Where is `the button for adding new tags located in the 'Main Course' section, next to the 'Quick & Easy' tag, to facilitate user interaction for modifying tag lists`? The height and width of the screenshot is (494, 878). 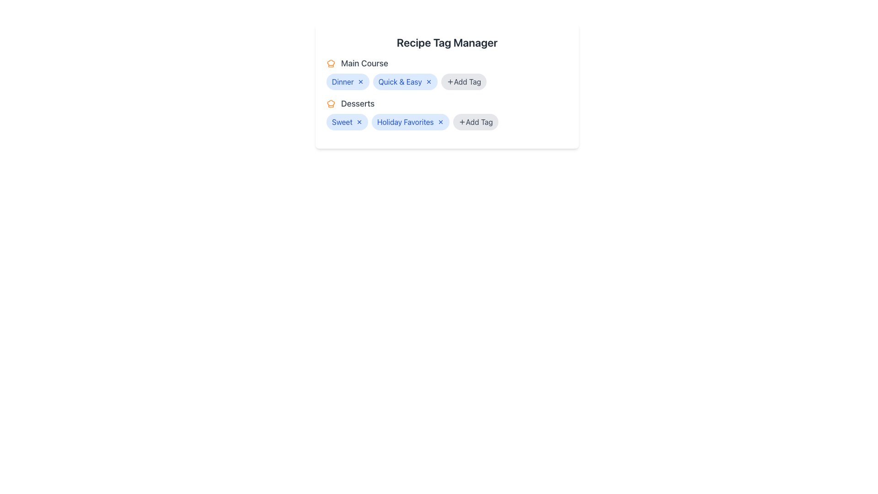
the button for adding new tags located in the 'Main Course' section, next to the 'Quick & Easy' tag, to facilitate user interaction for modifying tag lists is located at coordinates (447, 81).